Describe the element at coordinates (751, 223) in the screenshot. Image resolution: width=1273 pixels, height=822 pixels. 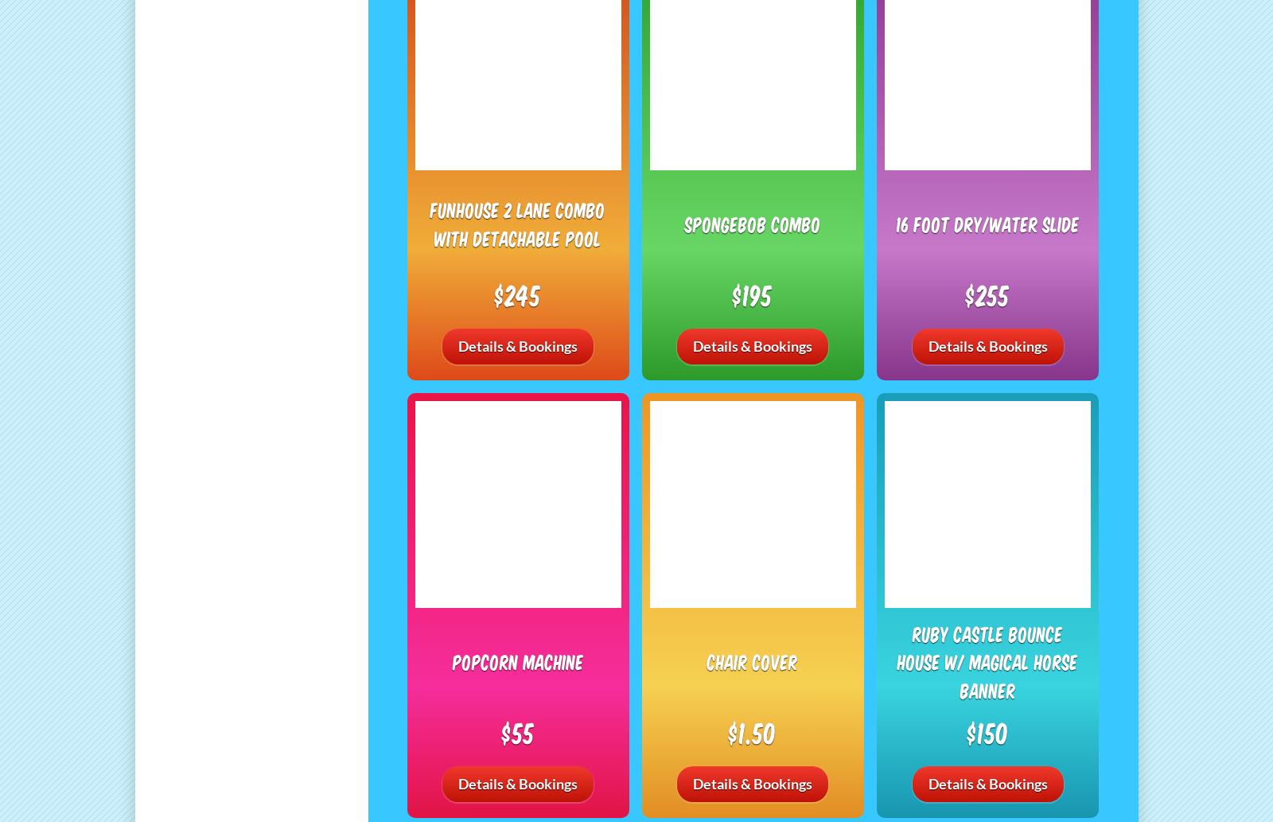
I see `'Spongebob Combo'` at that location.